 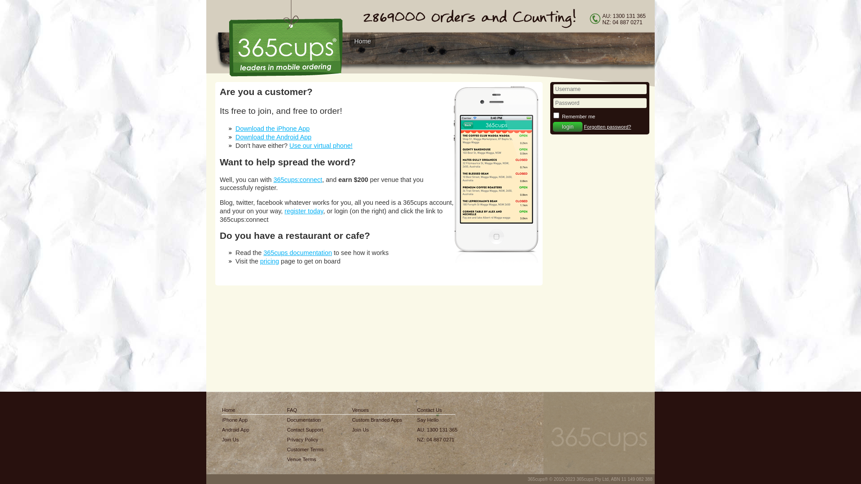 I want to click on 'Custom Branded Apps', so click(x=377, y=420).